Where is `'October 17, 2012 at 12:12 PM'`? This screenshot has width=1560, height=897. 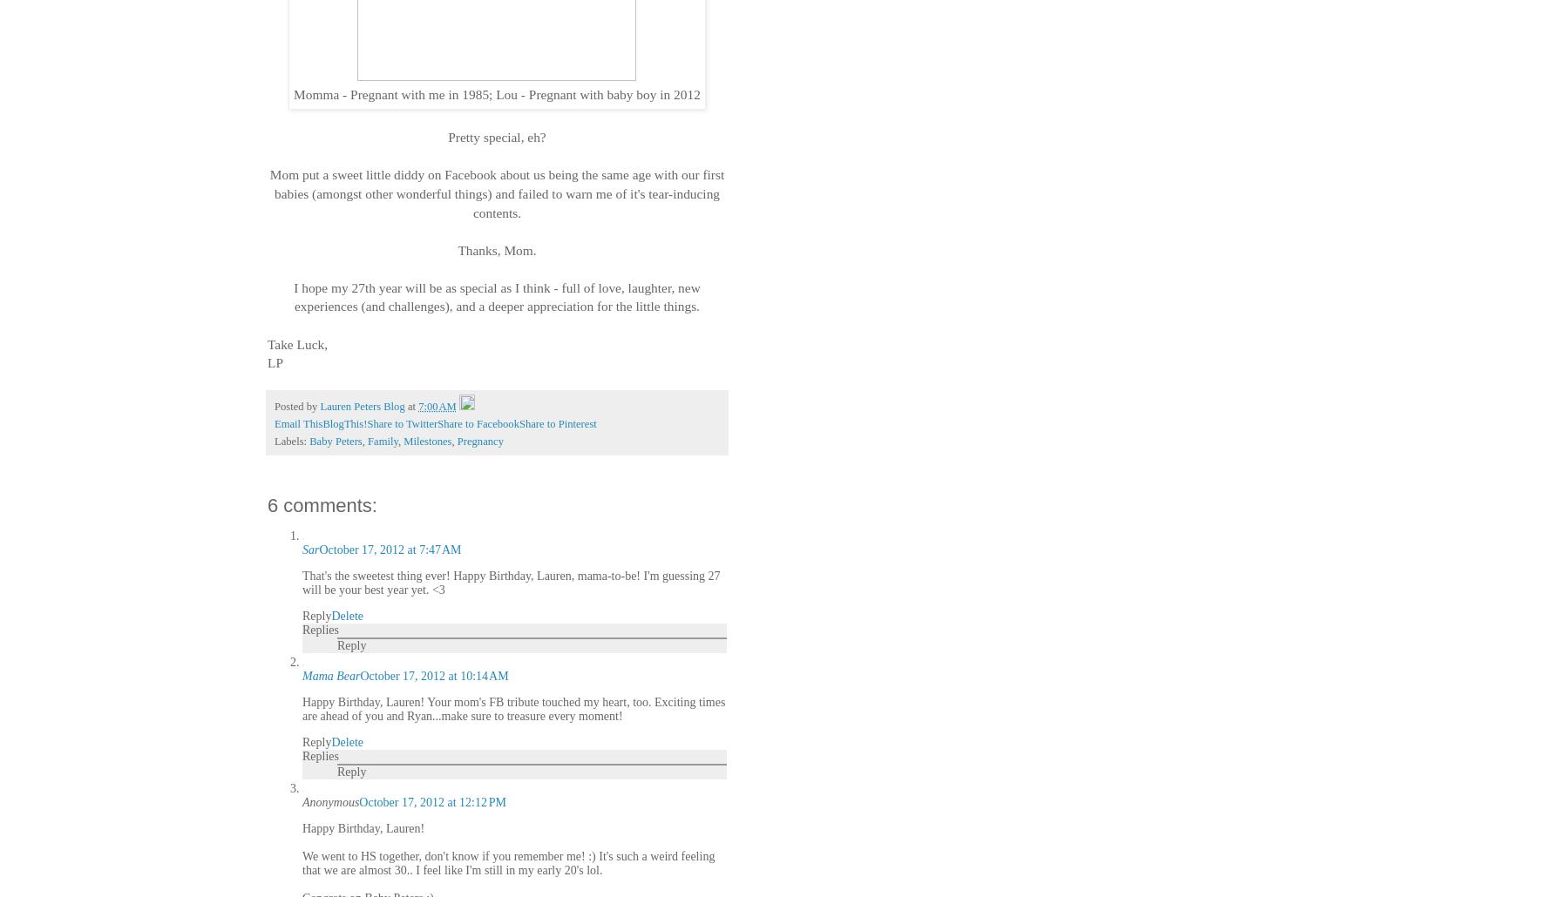
'October 17, 2012 at 12:12 PM' is located at coordinates (431, 801).